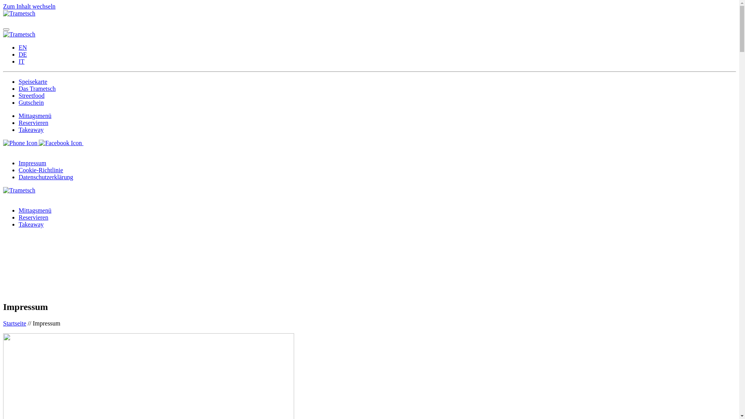  Describe the element at coordinates (32, 163) in the screenshot. I see `'Impressum'` at that location.